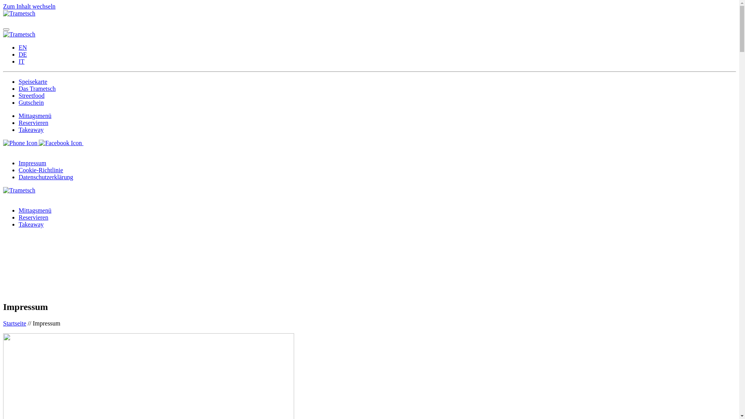  Describe the element at coordinates (32, 163) in the screenshot. I see `'Impressum'` at that location.